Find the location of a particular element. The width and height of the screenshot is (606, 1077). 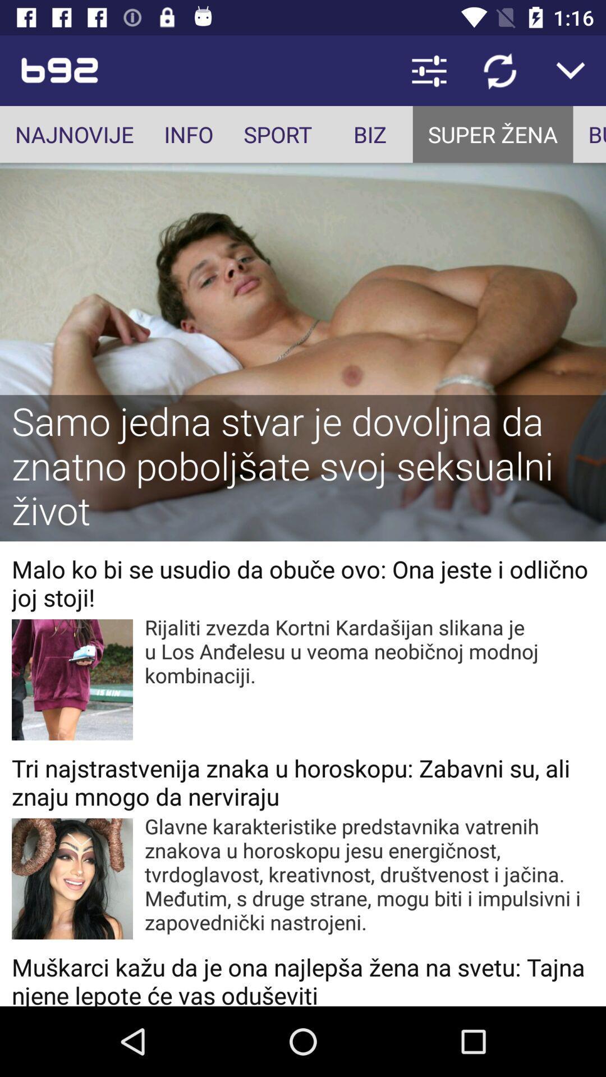

the icon above   biz is located at coordinates (429, 70).